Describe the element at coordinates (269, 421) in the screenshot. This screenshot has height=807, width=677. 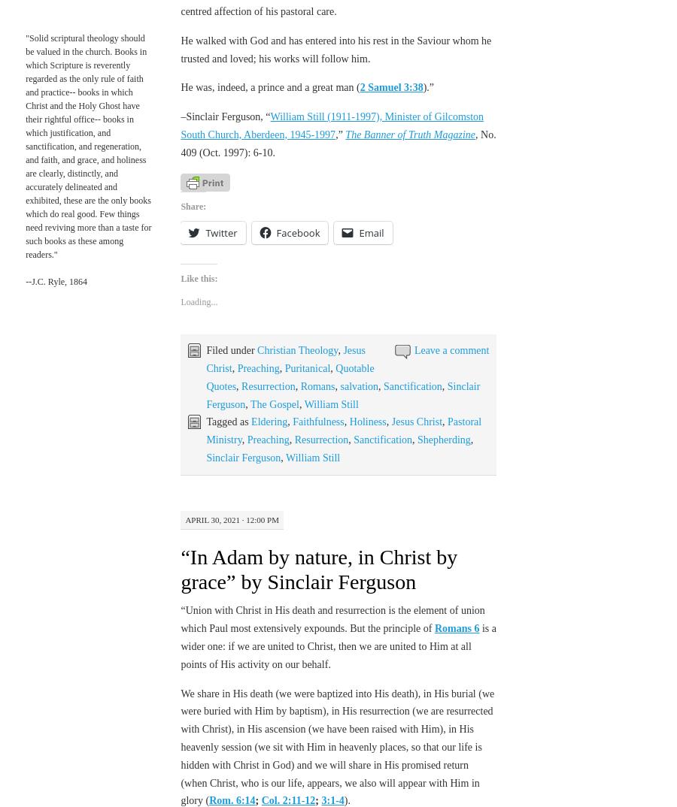
I see `'Eldering'` at that location.